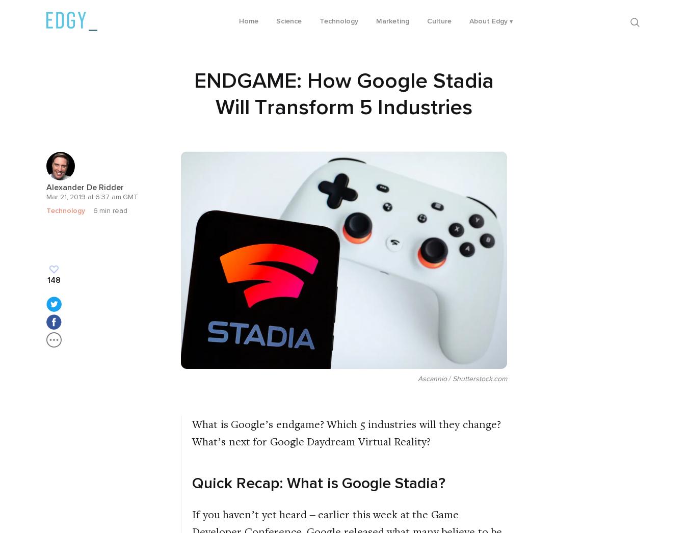  What do you see at coordinates (439, 20) in the screenshot?
I see `'Culture'` at bounding box center [439, 20].